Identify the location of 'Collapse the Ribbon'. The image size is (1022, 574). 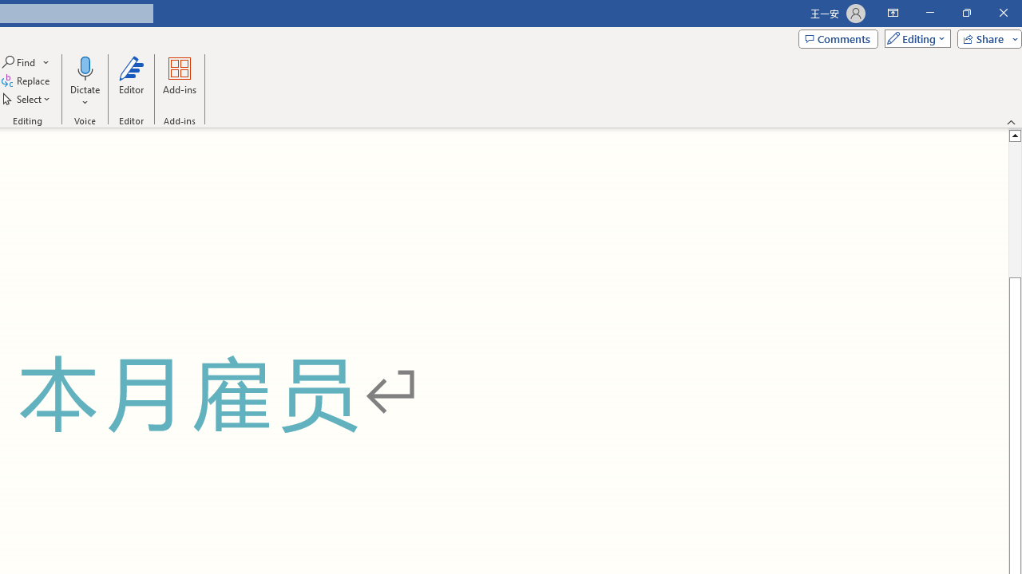
(1011, 121).